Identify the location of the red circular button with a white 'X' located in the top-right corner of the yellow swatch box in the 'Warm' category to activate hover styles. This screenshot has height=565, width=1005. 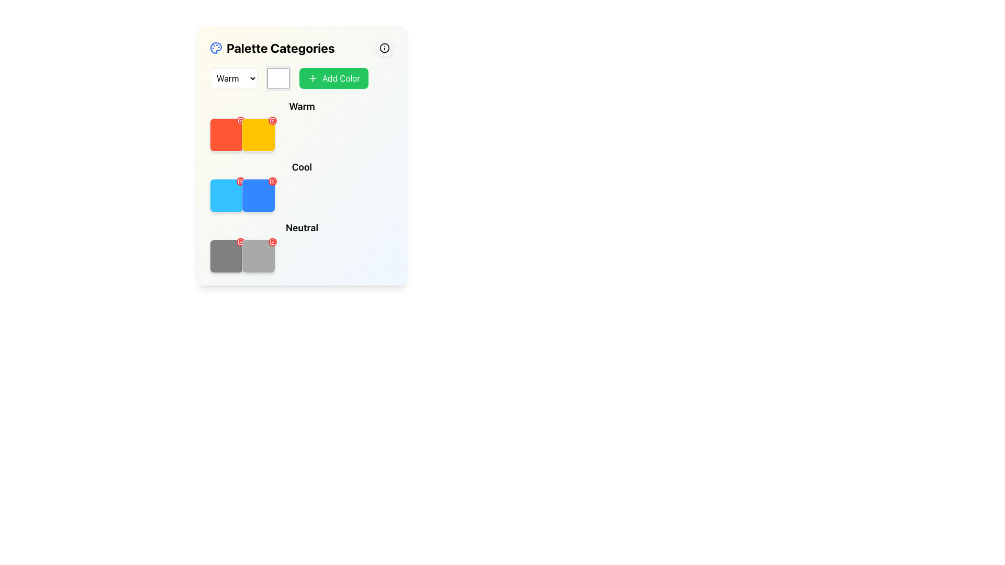
(273, 120).